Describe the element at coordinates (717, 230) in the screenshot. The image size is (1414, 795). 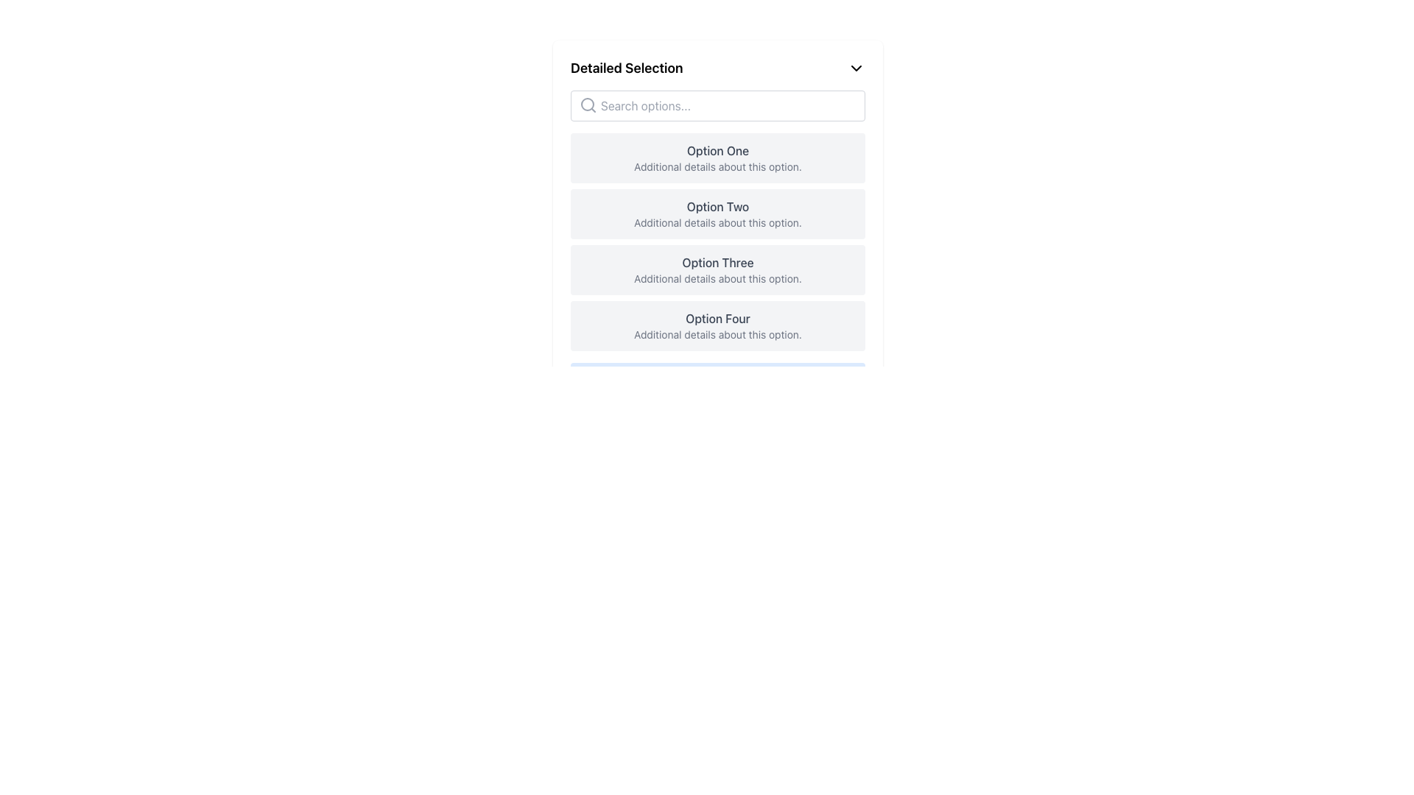
I see `the second selectable card in the list under the header 'Detailed Selection'` at that location.